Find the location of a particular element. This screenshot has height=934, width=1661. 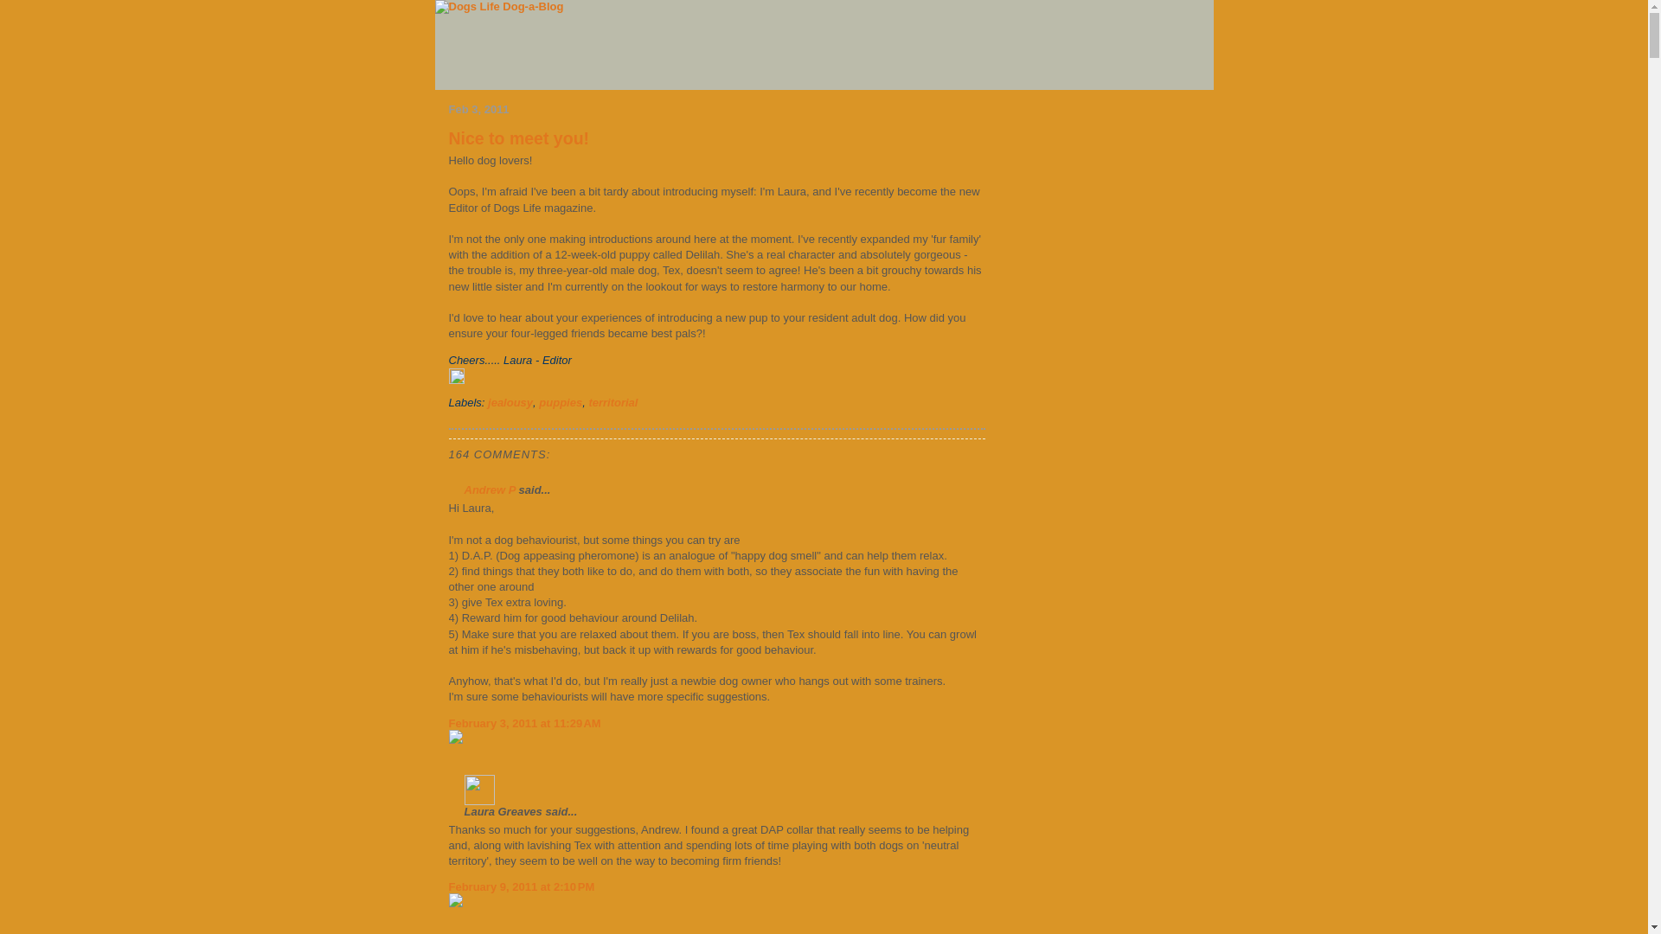

'Andrew P' is located at coordinates (488, 489).